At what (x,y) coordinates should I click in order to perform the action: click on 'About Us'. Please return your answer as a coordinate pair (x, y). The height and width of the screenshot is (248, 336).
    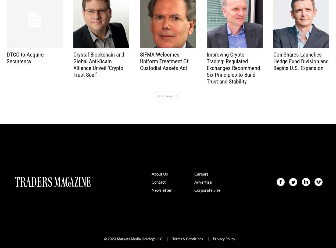
    Looking at the image, I should click on (159, 173).